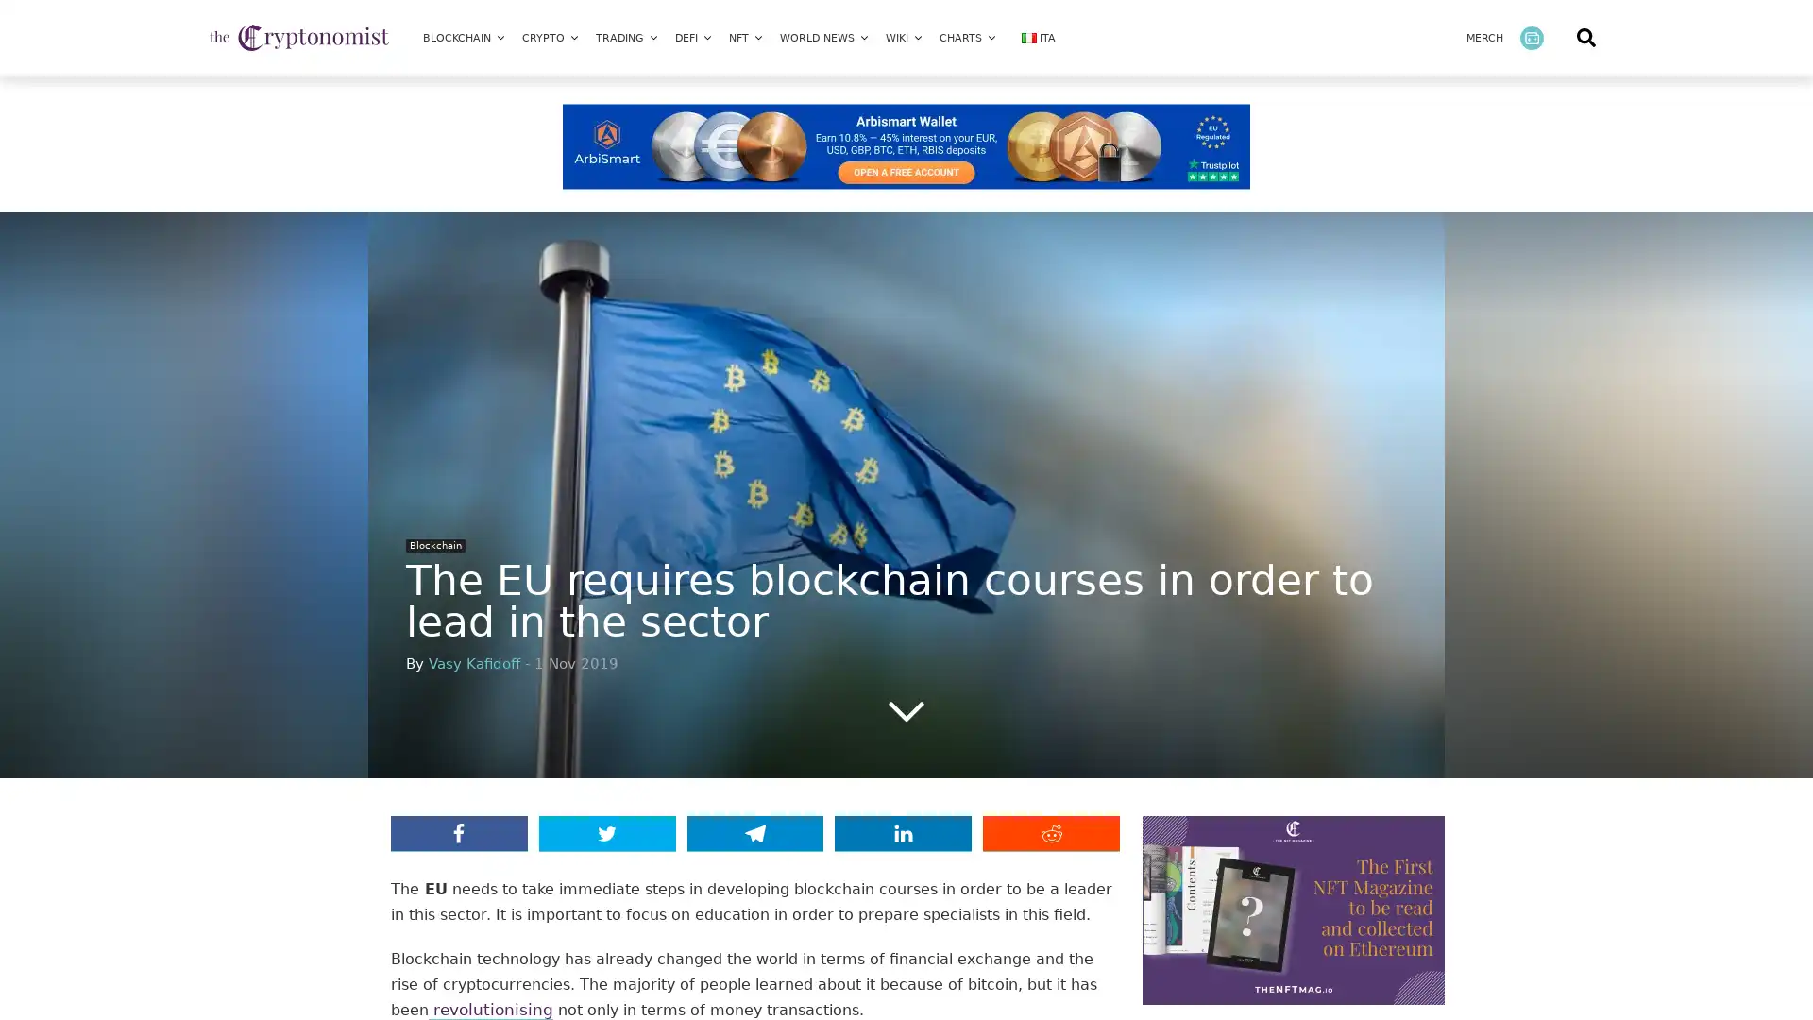 Image resolution: width=1813 pixels, height=1020 pixels. Describe the element at coordinates (1444, 741) in the screenshot. I see `MORE OPTIONS` at that location.